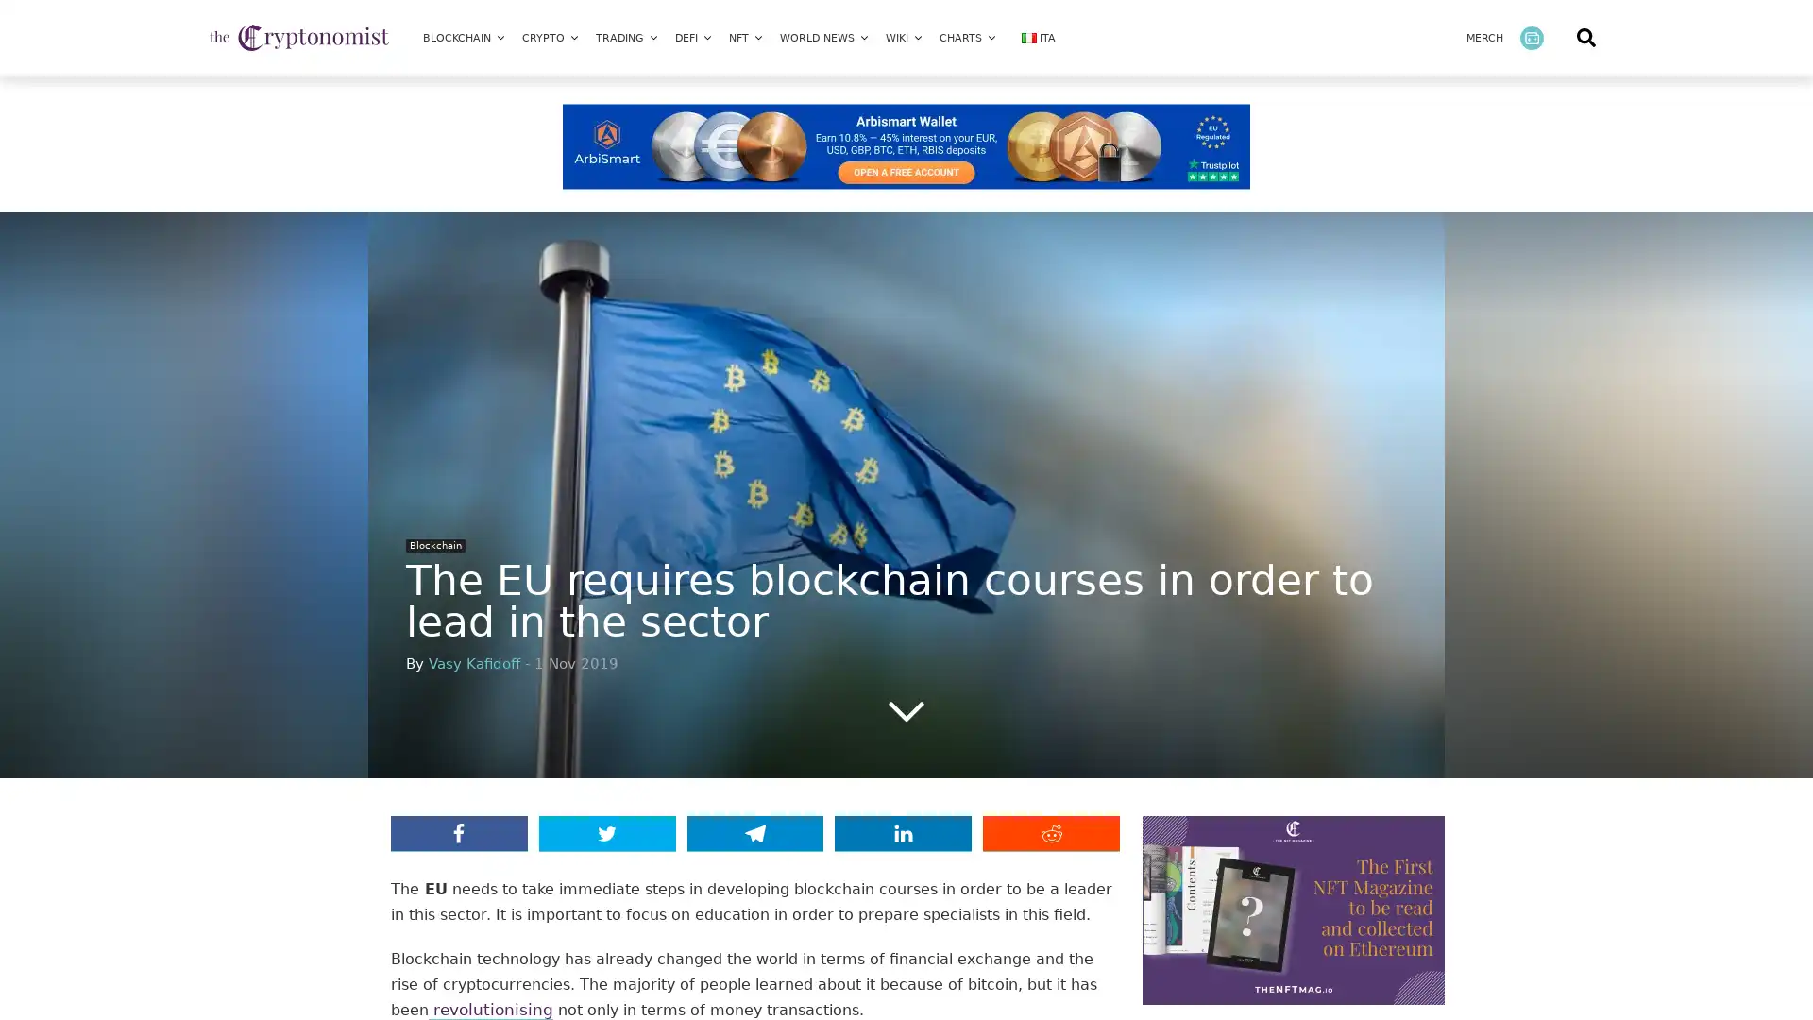 Image resolution: width=1813 pixels, height=1020 pixels. Describe the element at coordinates (1444, 741) in the screenshot. I see `MORE OPTIONS` at that location.